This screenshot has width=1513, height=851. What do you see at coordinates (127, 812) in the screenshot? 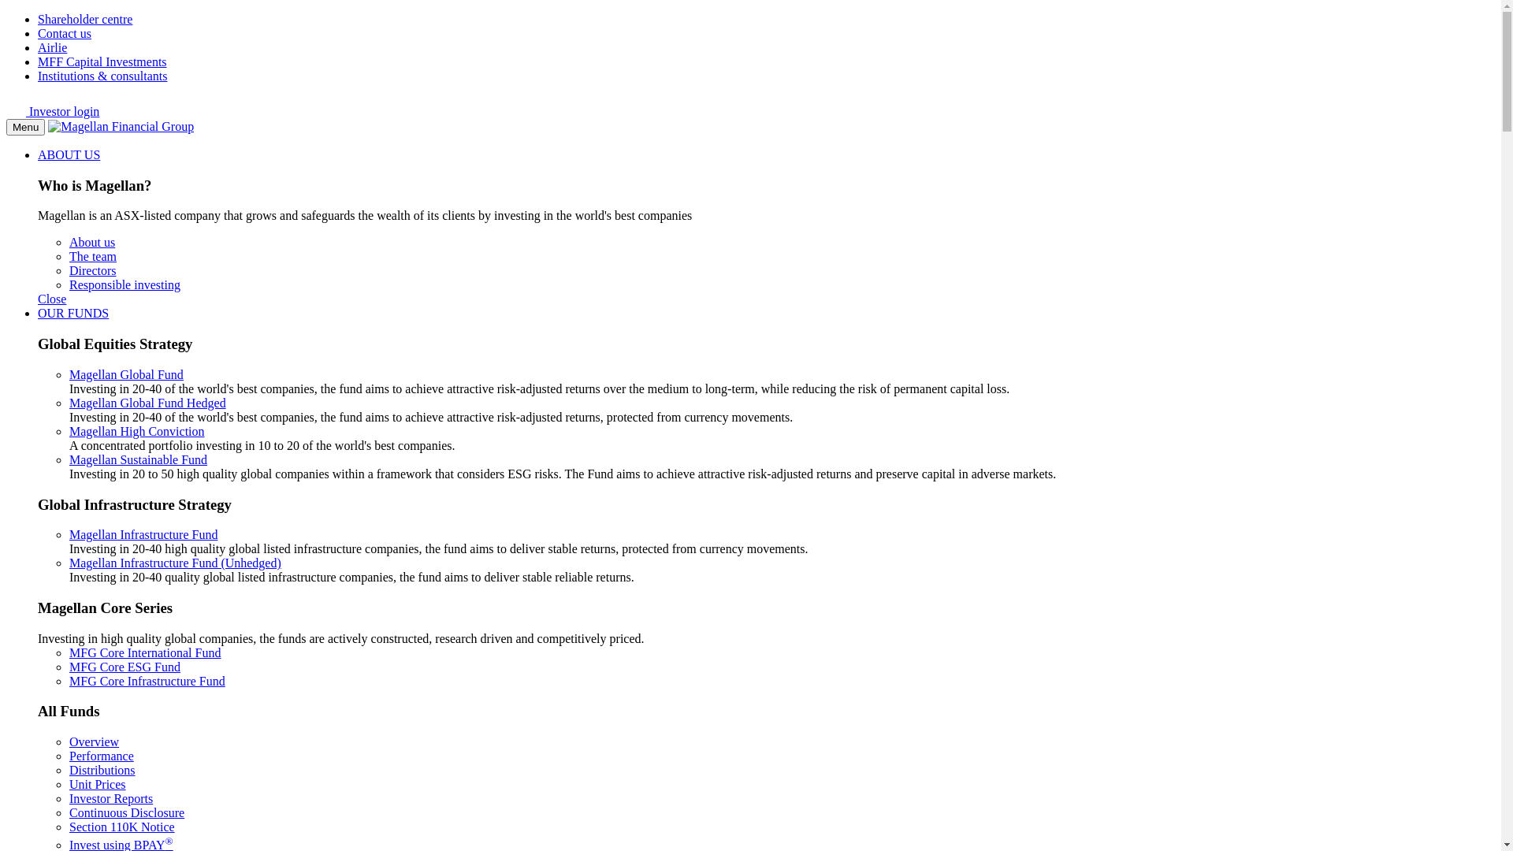
I see `'Continuous Disclosure'` at bounding box center [127, 812].